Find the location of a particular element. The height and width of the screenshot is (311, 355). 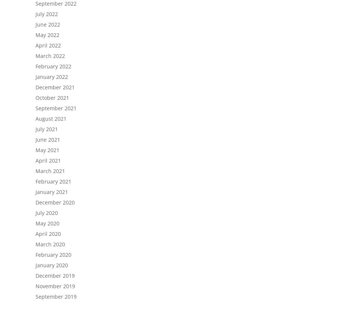

'August 2021' is located at coordinates (51, 118).